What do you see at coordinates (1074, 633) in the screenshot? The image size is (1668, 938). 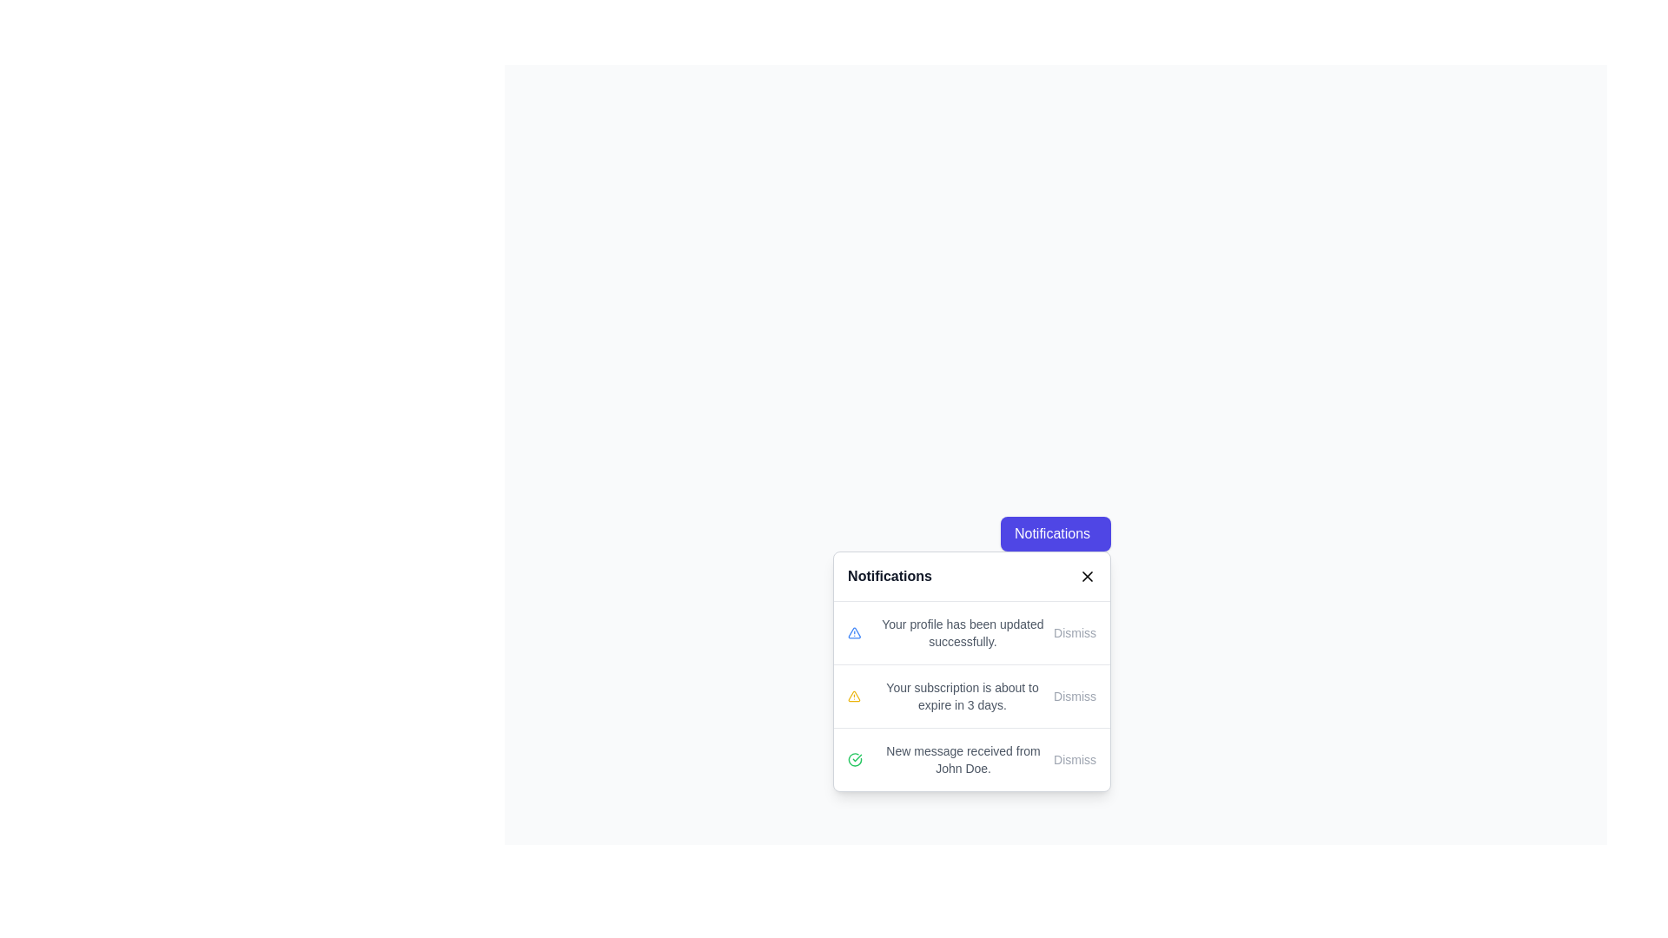 I see `the dismiss button located at the bottom-right corner of the notification card` at bounding box center [1074, 633].